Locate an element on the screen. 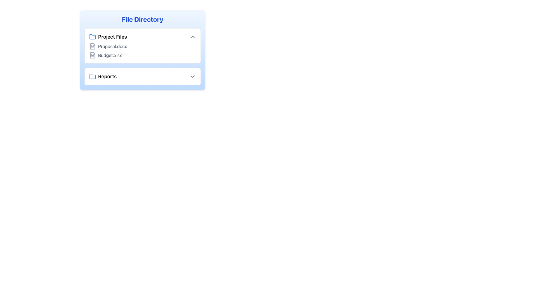 The height and width of the screenshot is (302, 537). the blue folder icon located to the left of the 'Project Files' text is located at coordinates (93, 37).